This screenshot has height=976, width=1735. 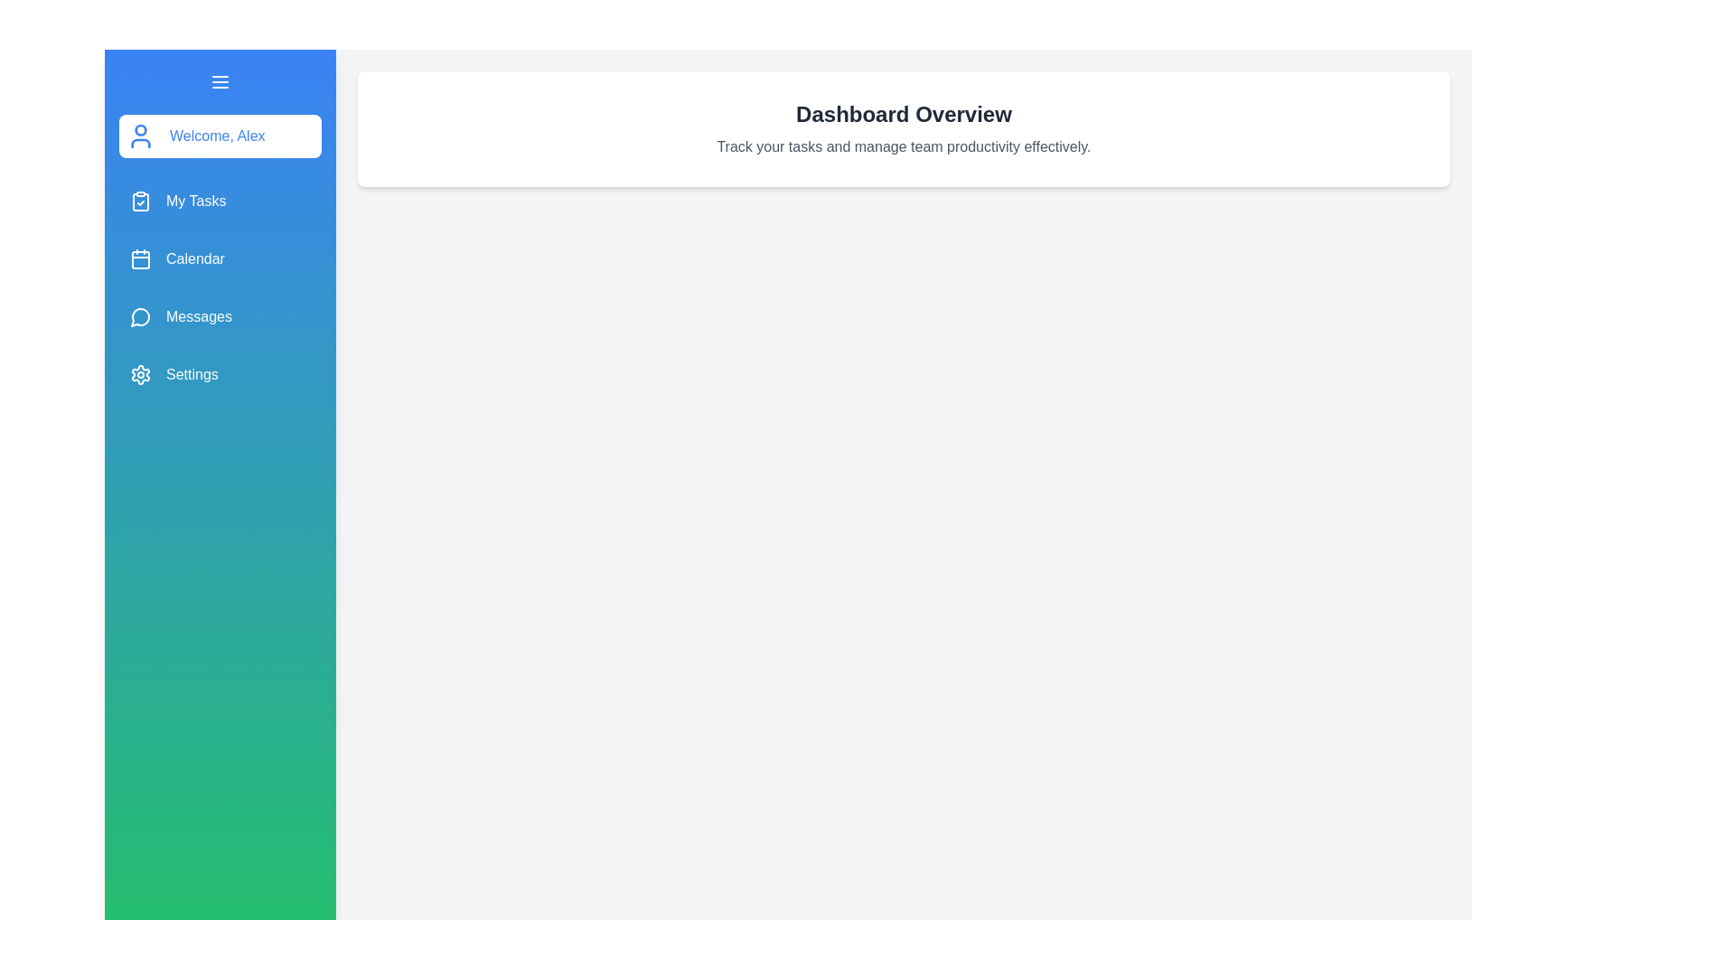 What do you see at coordinates (220, 374) in the screenshot?
I see `the 'Settings' menu item in the sidebar` at bounding box center [220, 374].